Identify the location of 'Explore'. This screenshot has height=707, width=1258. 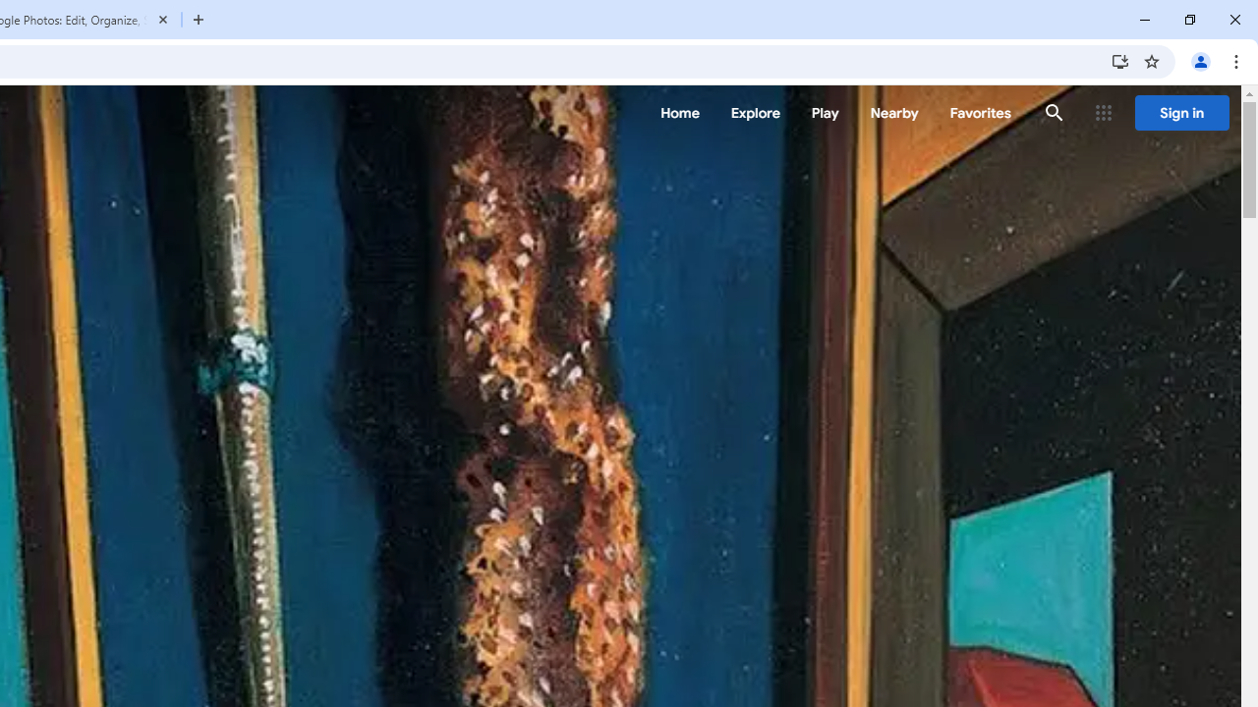
(754, 113).